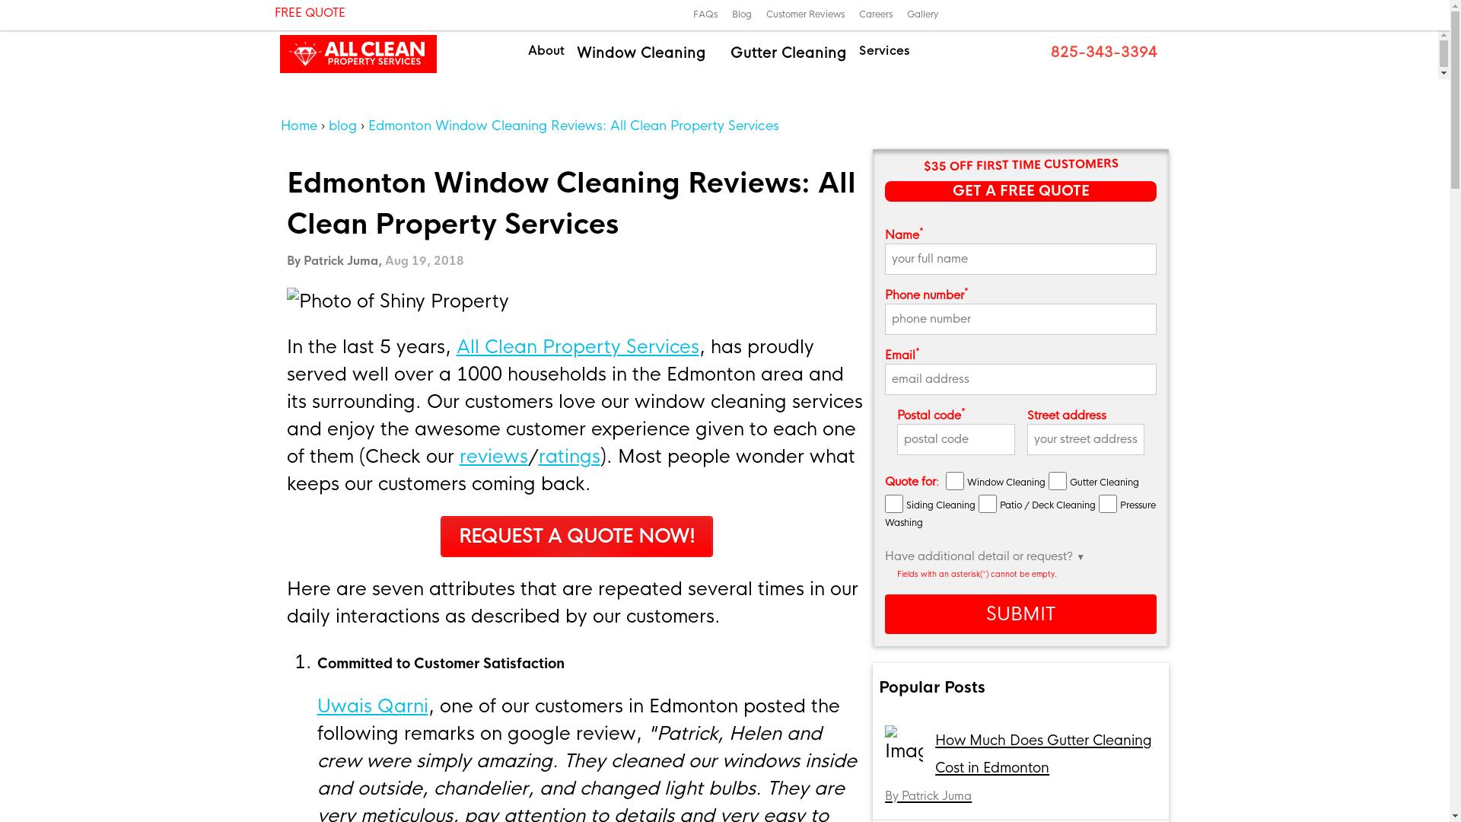 This screenshot has height=822, width=1461. Describe the element at coordinates (741, 14) in the screenshot. I see `'Blog'` at that location.